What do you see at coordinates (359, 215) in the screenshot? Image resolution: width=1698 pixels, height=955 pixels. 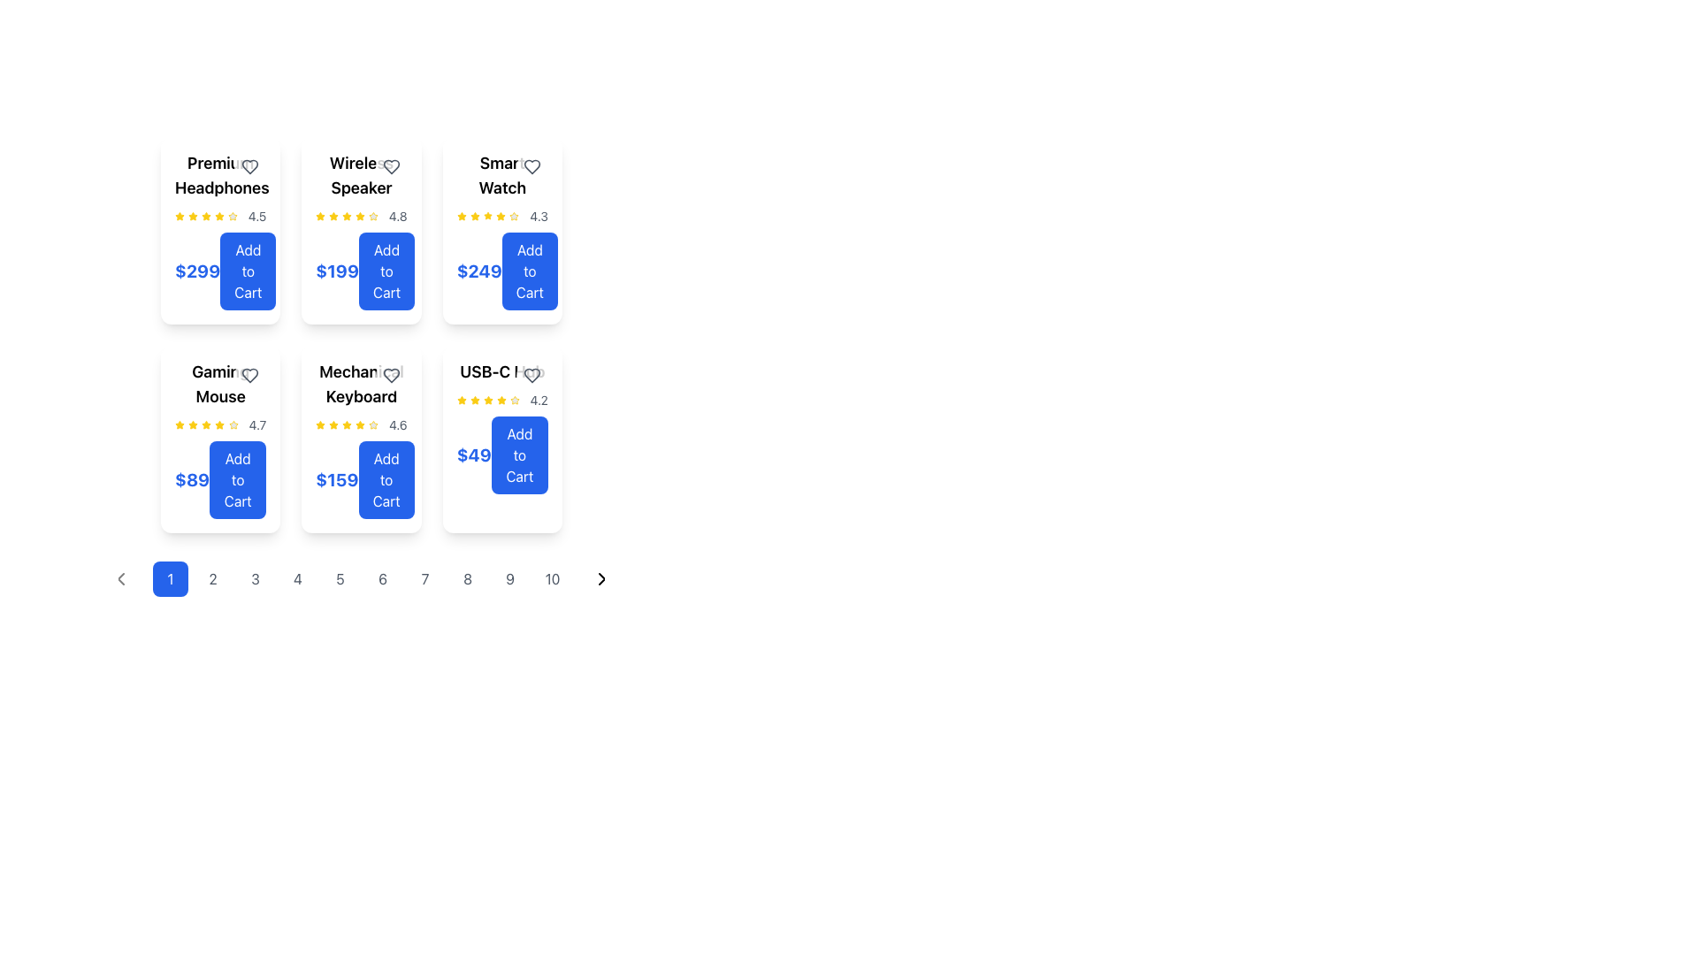 I see `the vibrant yellow star icon in the review section to interact with the rating` at bounding box center [359, 215].